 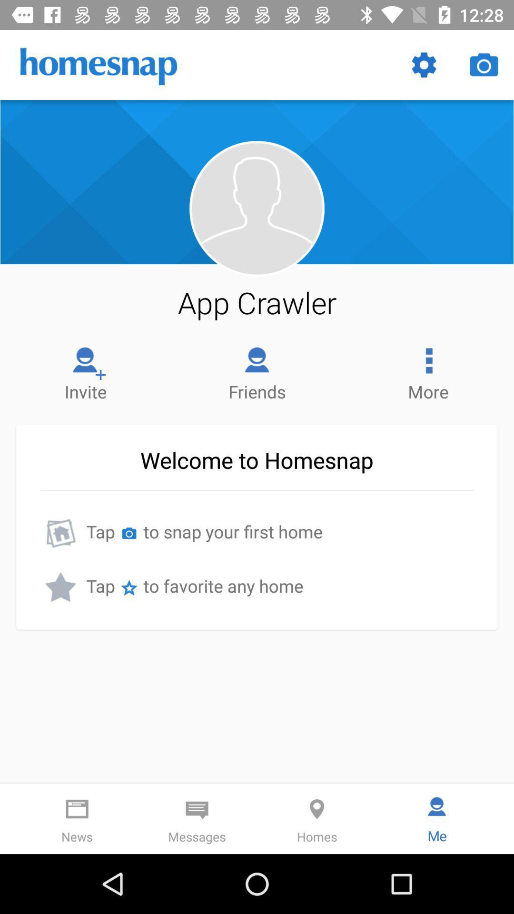 What do you see at coordinates (86, 371) in the screenshot?
I see `the item next to friends` at bounding box center [86, 371].